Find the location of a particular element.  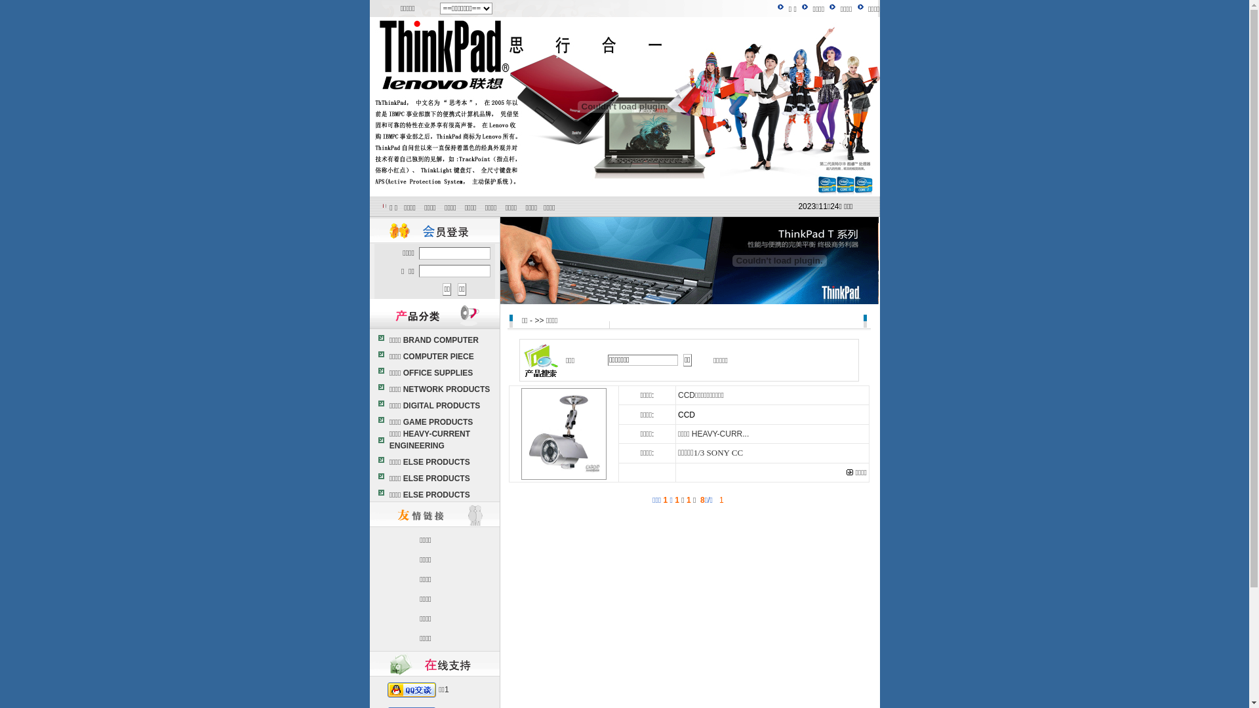

'CCD' is located at coordinates (685, 414).